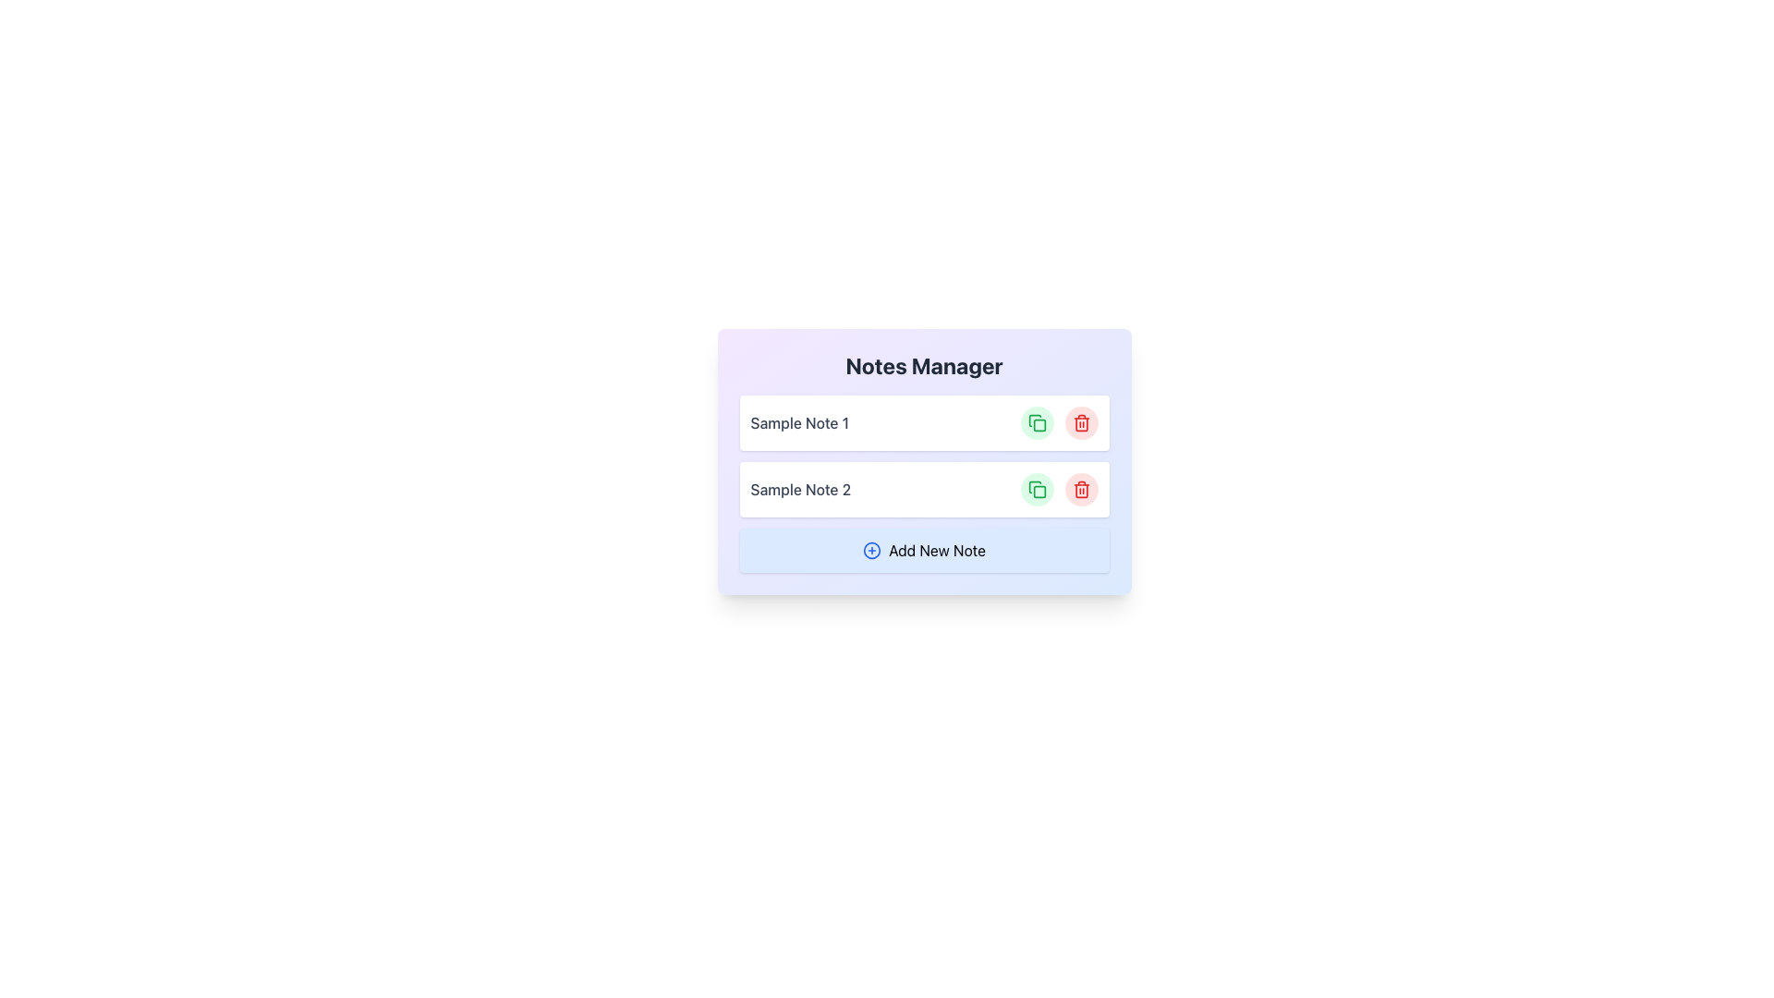 This screenshot has width=1774, height=998. What do you see at coordinates (799, 423) in the screenshot?
I see `the text label that serves as the name for the first note in the Notes Manager, positioned on the left side of the card, to the left of the copy and delete icons` at bounding box center [799, 423].